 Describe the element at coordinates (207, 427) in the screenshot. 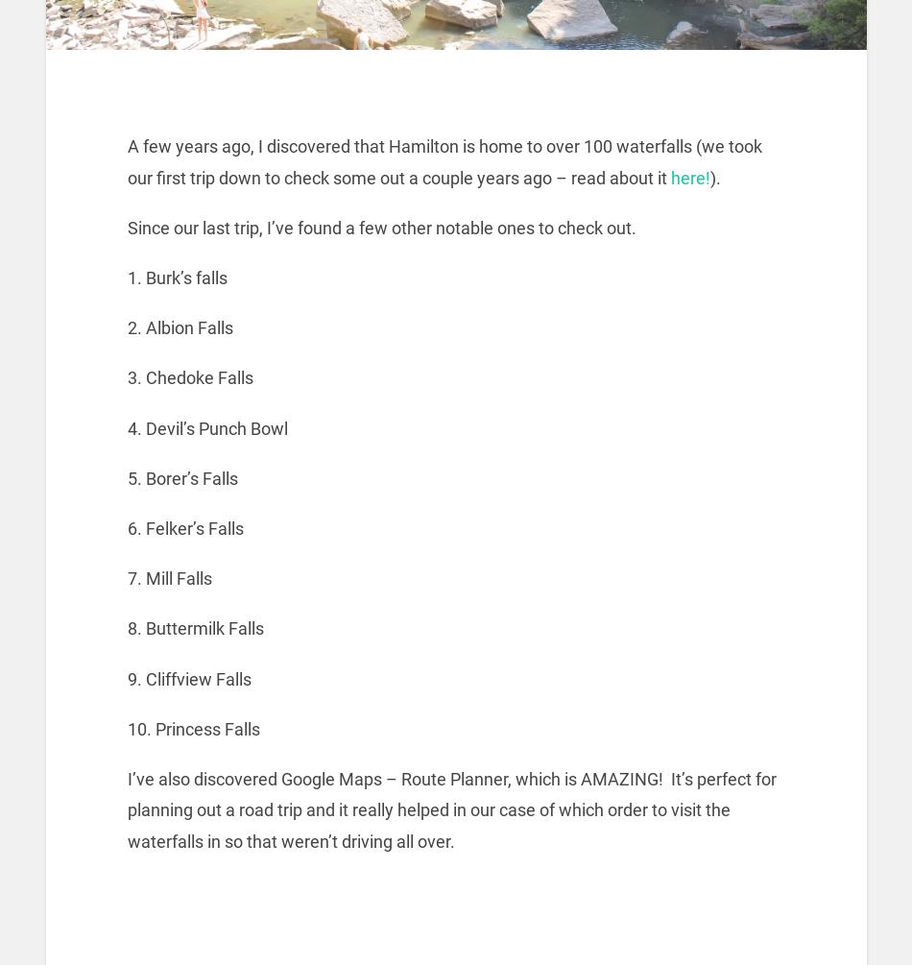

I see `'4. Devil’s Punch Bowl'` at that location.